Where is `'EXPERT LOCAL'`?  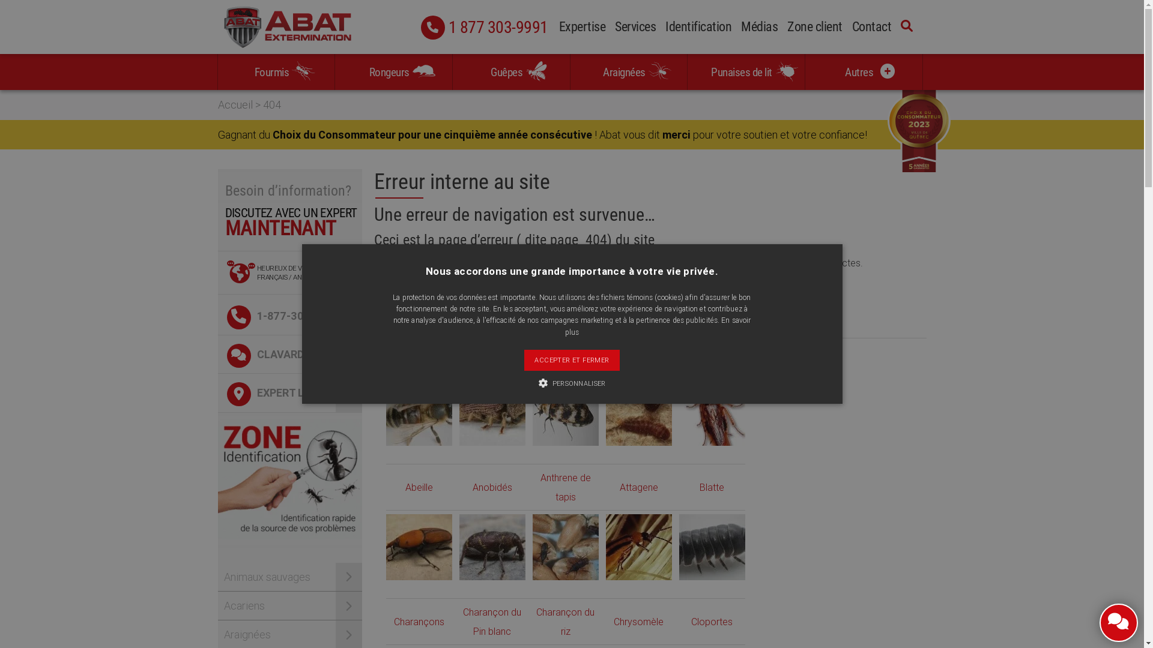
'EXPERT LOCAL' is located at coordinates (289, 393).